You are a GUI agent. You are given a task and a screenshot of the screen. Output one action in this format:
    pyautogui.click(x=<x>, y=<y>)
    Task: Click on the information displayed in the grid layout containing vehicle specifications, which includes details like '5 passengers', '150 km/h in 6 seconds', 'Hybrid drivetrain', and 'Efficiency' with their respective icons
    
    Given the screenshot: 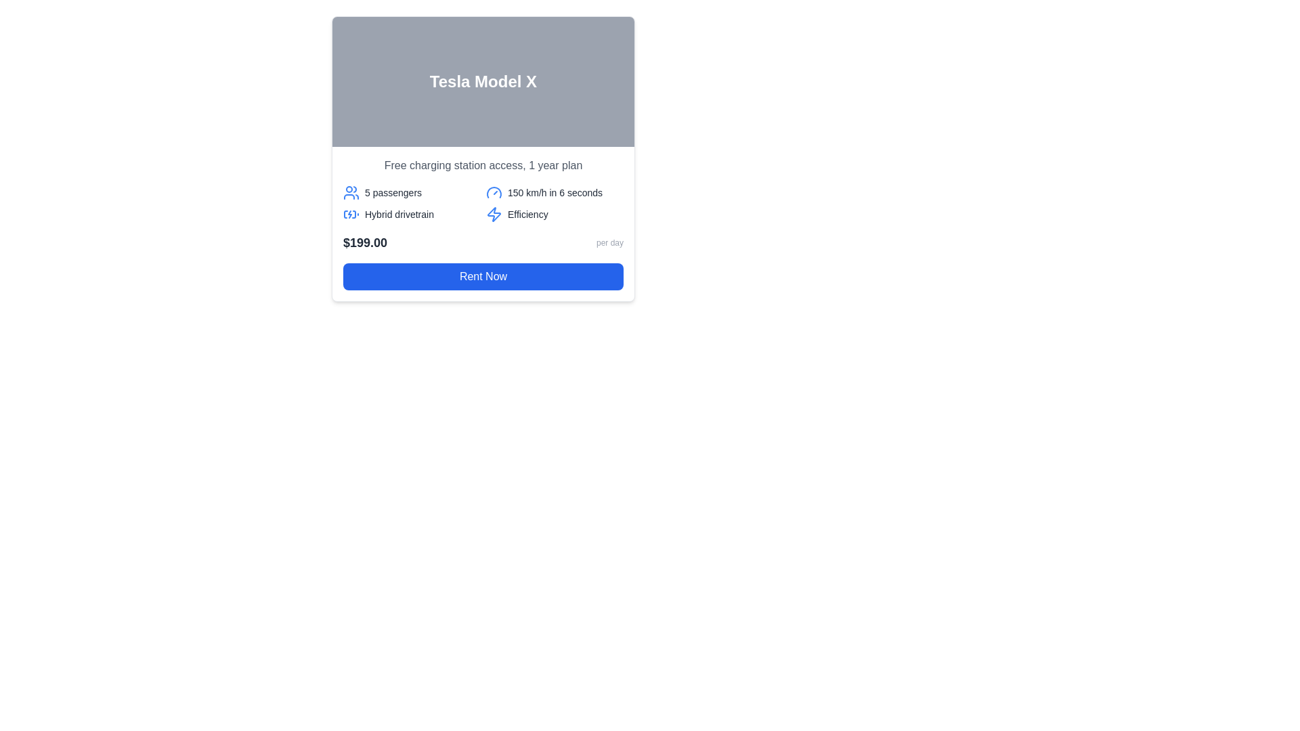 What is the action you would take?
    pyautogui.click(x=483, y=203)
    